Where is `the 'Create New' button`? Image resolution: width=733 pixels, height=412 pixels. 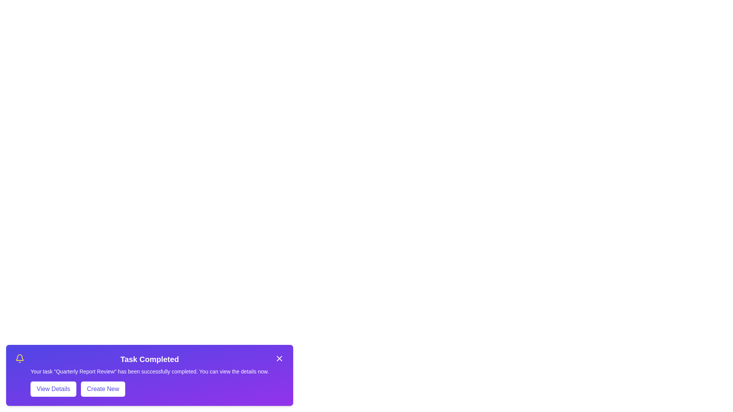
the 'Create New' button is located at coordinates (102, 389).